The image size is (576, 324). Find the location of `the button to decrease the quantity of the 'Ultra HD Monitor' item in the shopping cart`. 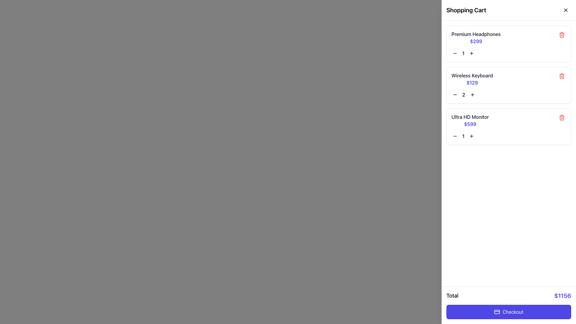

the button to decrease the quantity of the 'Ultra HD Monitor' item in the shopping cart is located at coordinates (455, 136).